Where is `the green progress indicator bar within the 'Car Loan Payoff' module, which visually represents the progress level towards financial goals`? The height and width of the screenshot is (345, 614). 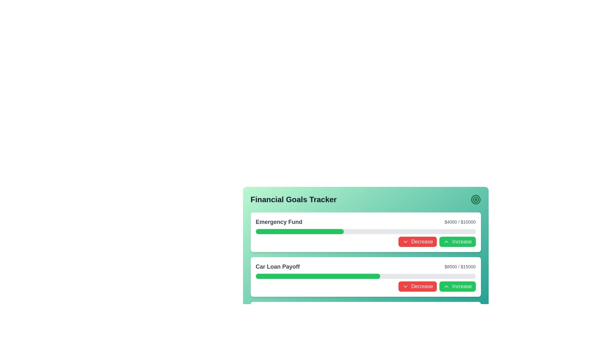
the green progress indicator bar within the 'Car Loan Payoff' module, which visually represents the progress level towards financial goals is located at coordinates (318, 276).